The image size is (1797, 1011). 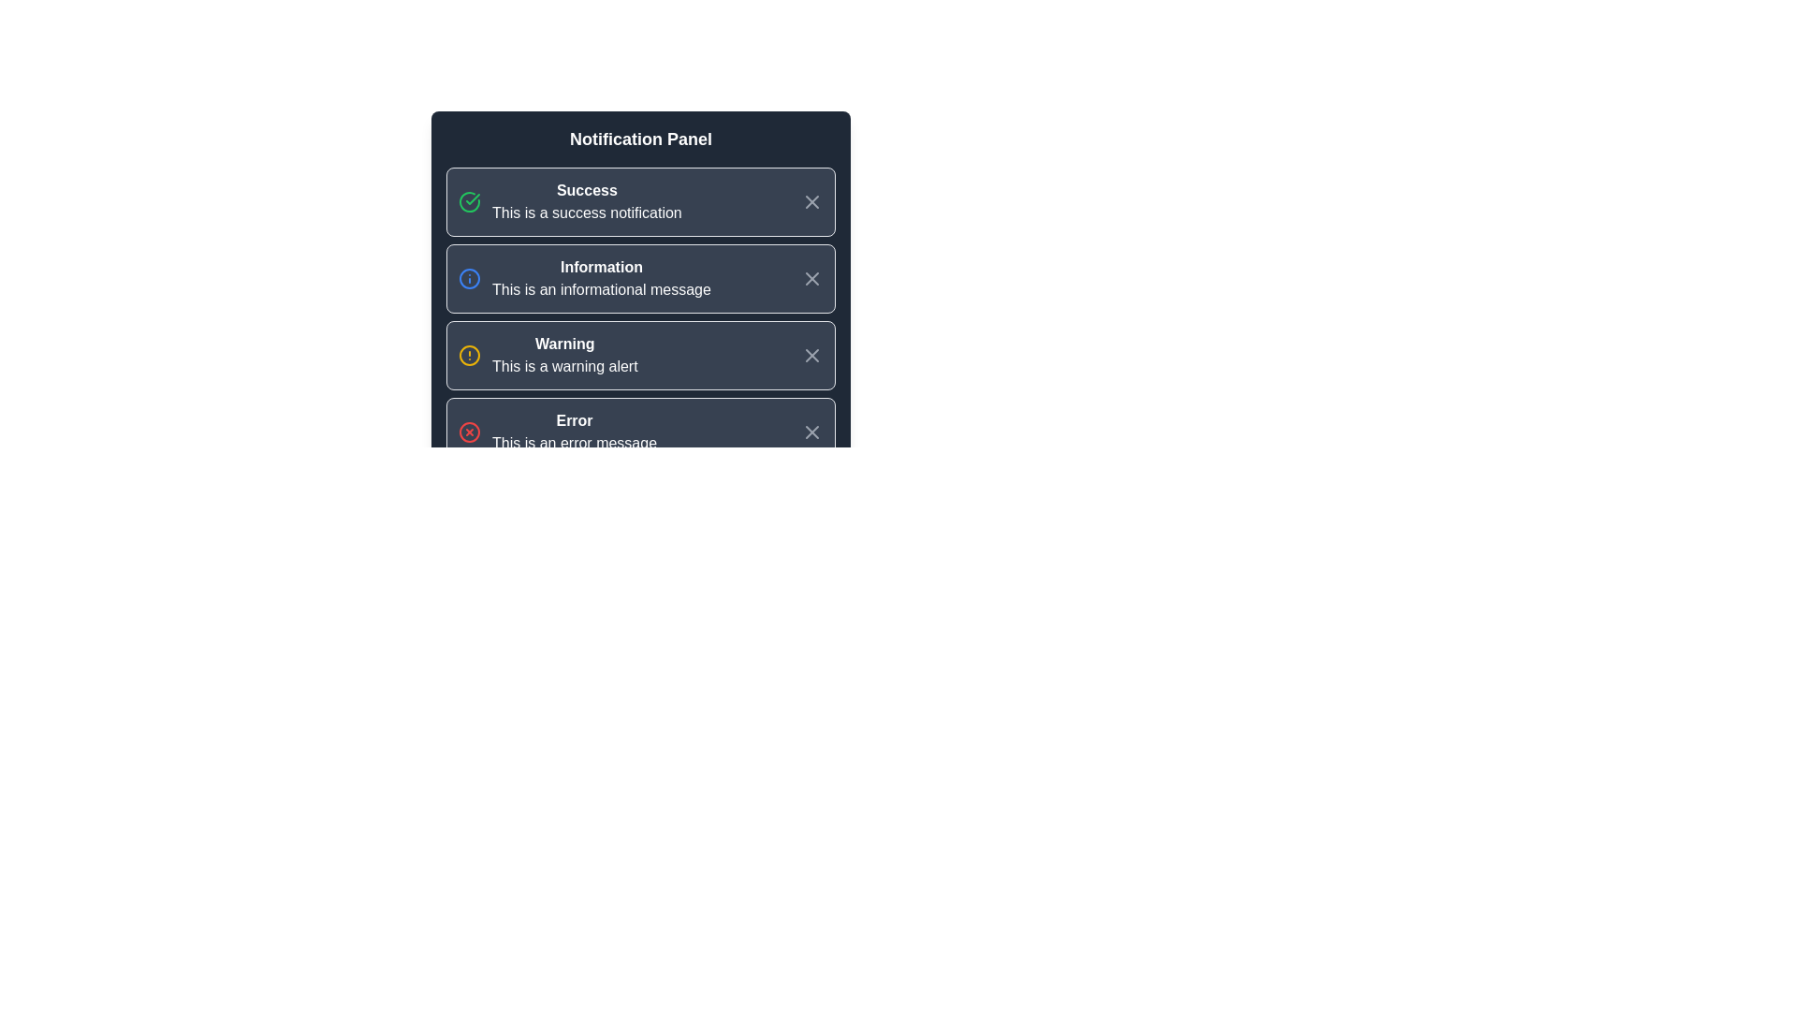 What do you see at coordinates (556, 432) in the screenshot?
I see `error message from the fourth Textual Notification, which is located below the 'Warning' notification in the notification panel` at bounding box center [556, 432].